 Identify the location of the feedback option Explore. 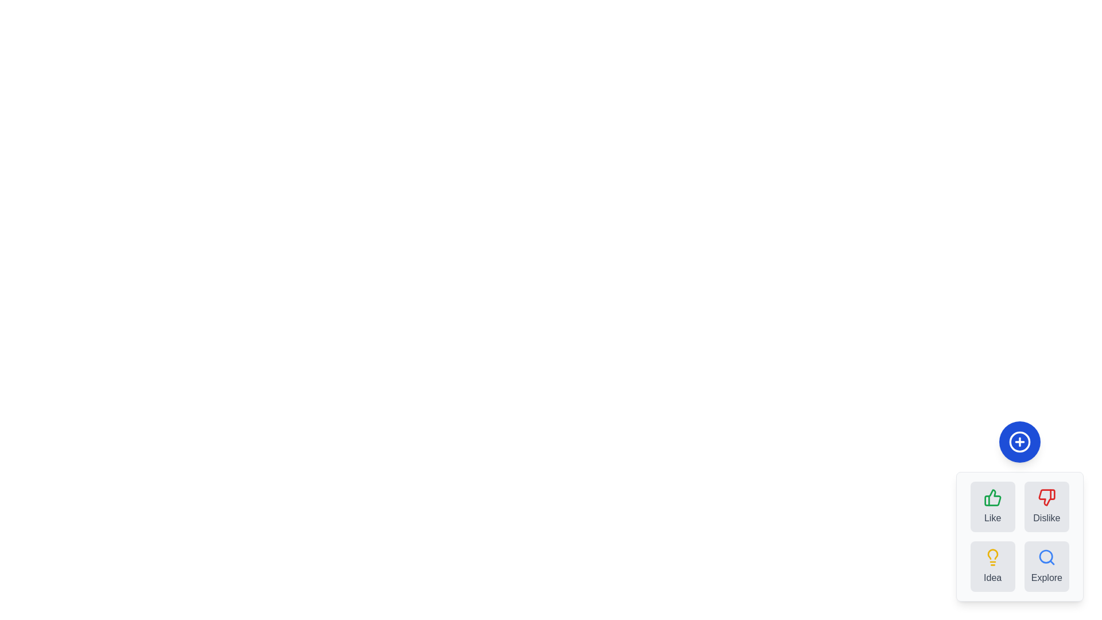
(1046, 566).